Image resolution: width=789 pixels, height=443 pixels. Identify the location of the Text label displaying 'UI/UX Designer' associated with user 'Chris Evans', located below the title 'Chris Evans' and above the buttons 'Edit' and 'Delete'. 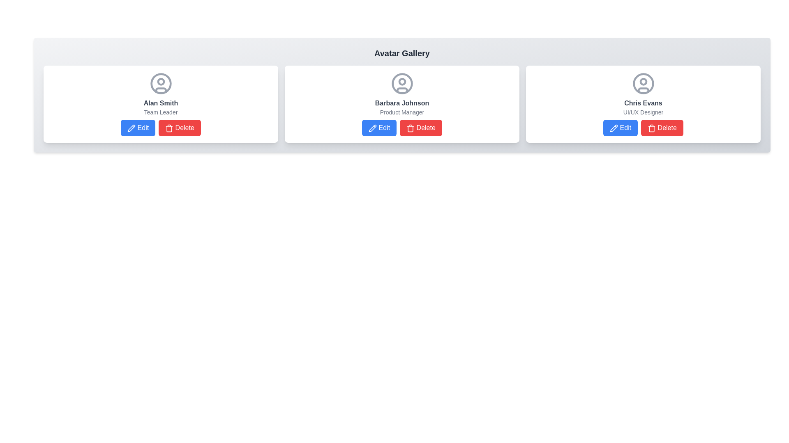
(643, 112).